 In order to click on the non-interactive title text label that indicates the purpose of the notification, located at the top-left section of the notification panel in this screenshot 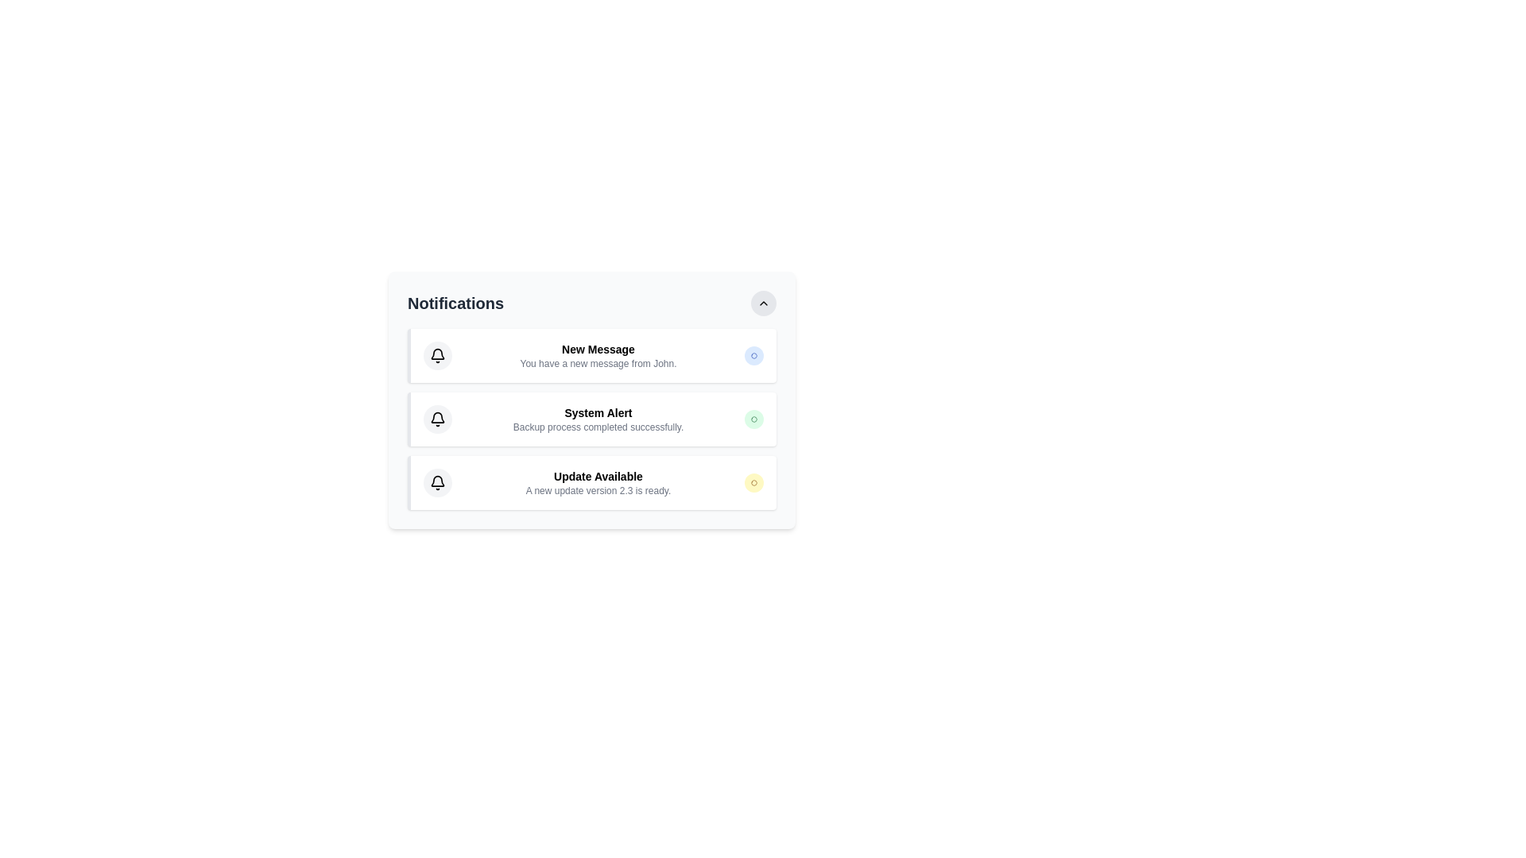, I will do `click(598, 348)`.